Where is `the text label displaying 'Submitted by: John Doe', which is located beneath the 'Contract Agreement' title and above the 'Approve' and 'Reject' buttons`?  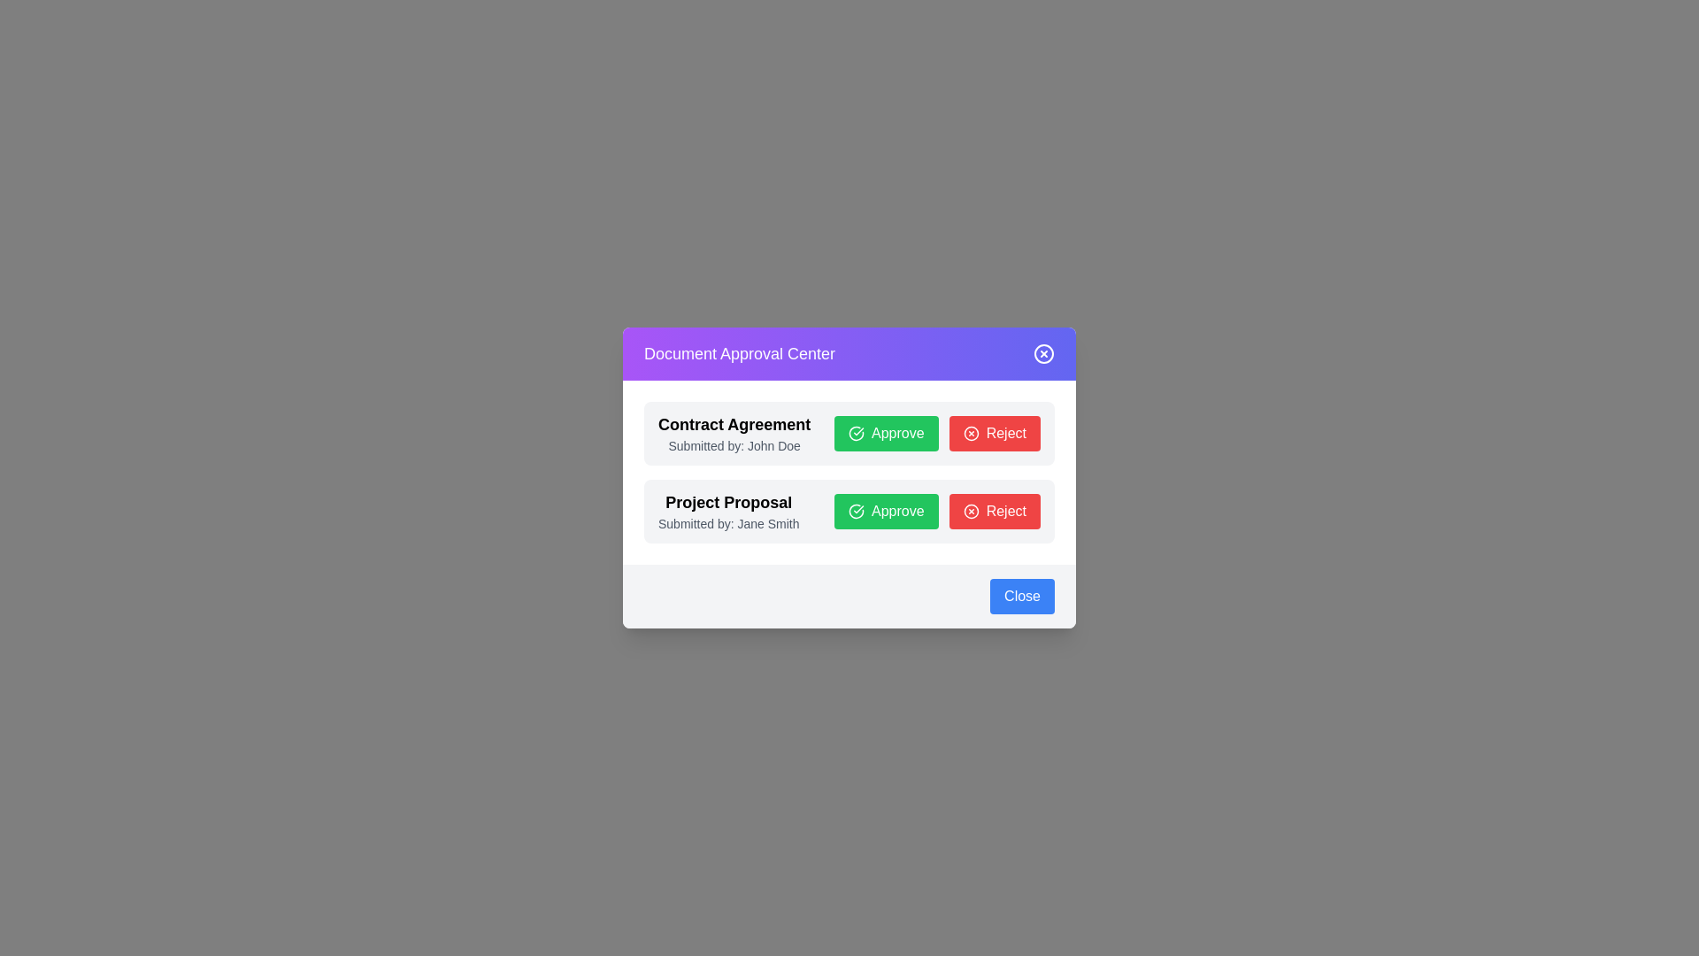 the text label displaying 'Submitted by: John Doe', which is located beneath the 'Contract Agreement' title and above the 'Approve' and 'Reject' buttons is located at coordinates (734, 445).